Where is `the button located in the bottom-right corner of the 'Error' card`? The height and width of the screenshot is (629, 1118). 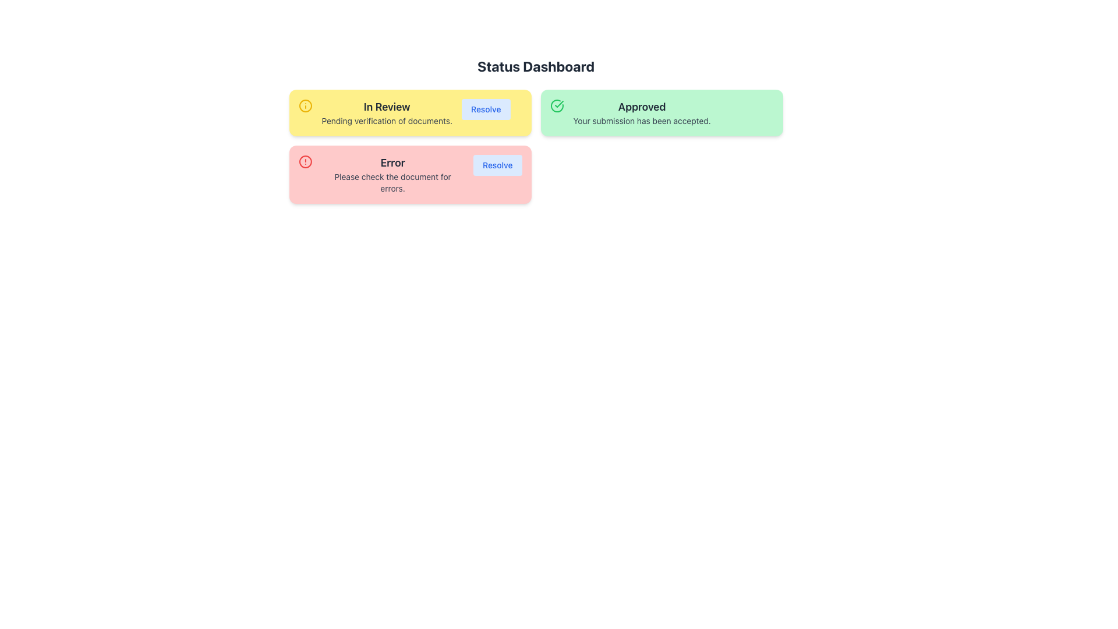 the button located in the bottom-right corner of the 'Error' card is located at coordinates (497, 165).